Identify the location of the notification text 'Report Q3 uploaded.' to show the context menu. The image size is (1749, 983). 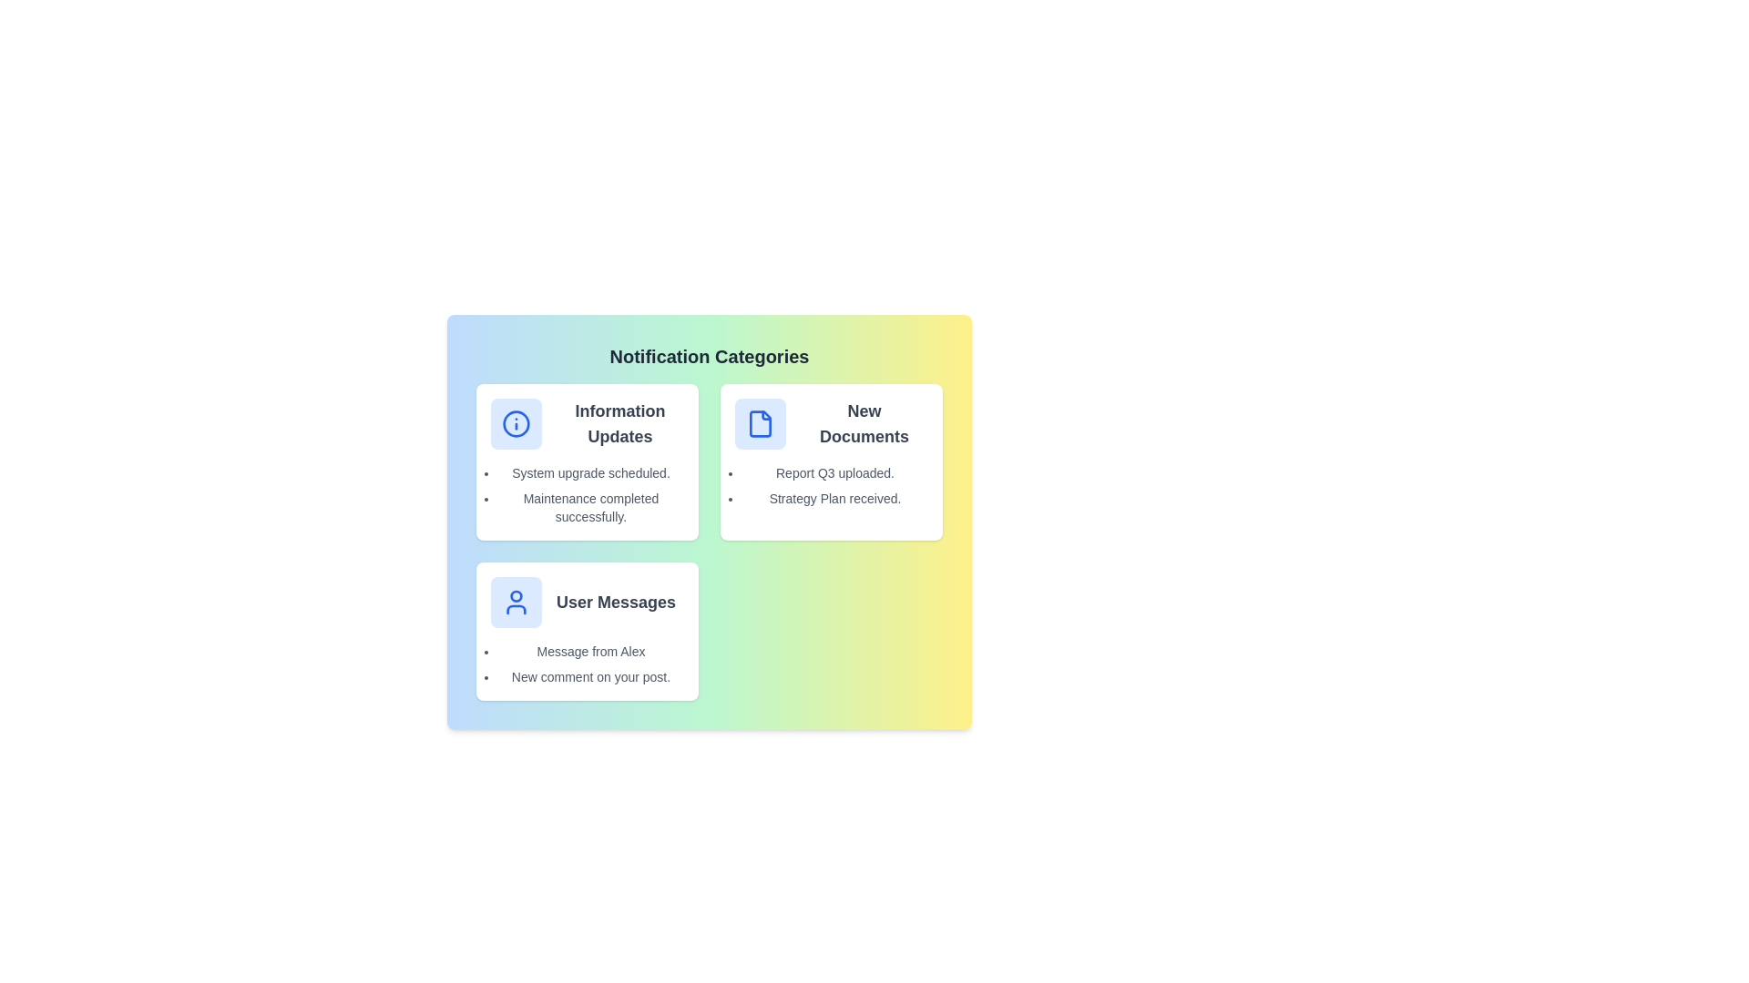
(834, 472).